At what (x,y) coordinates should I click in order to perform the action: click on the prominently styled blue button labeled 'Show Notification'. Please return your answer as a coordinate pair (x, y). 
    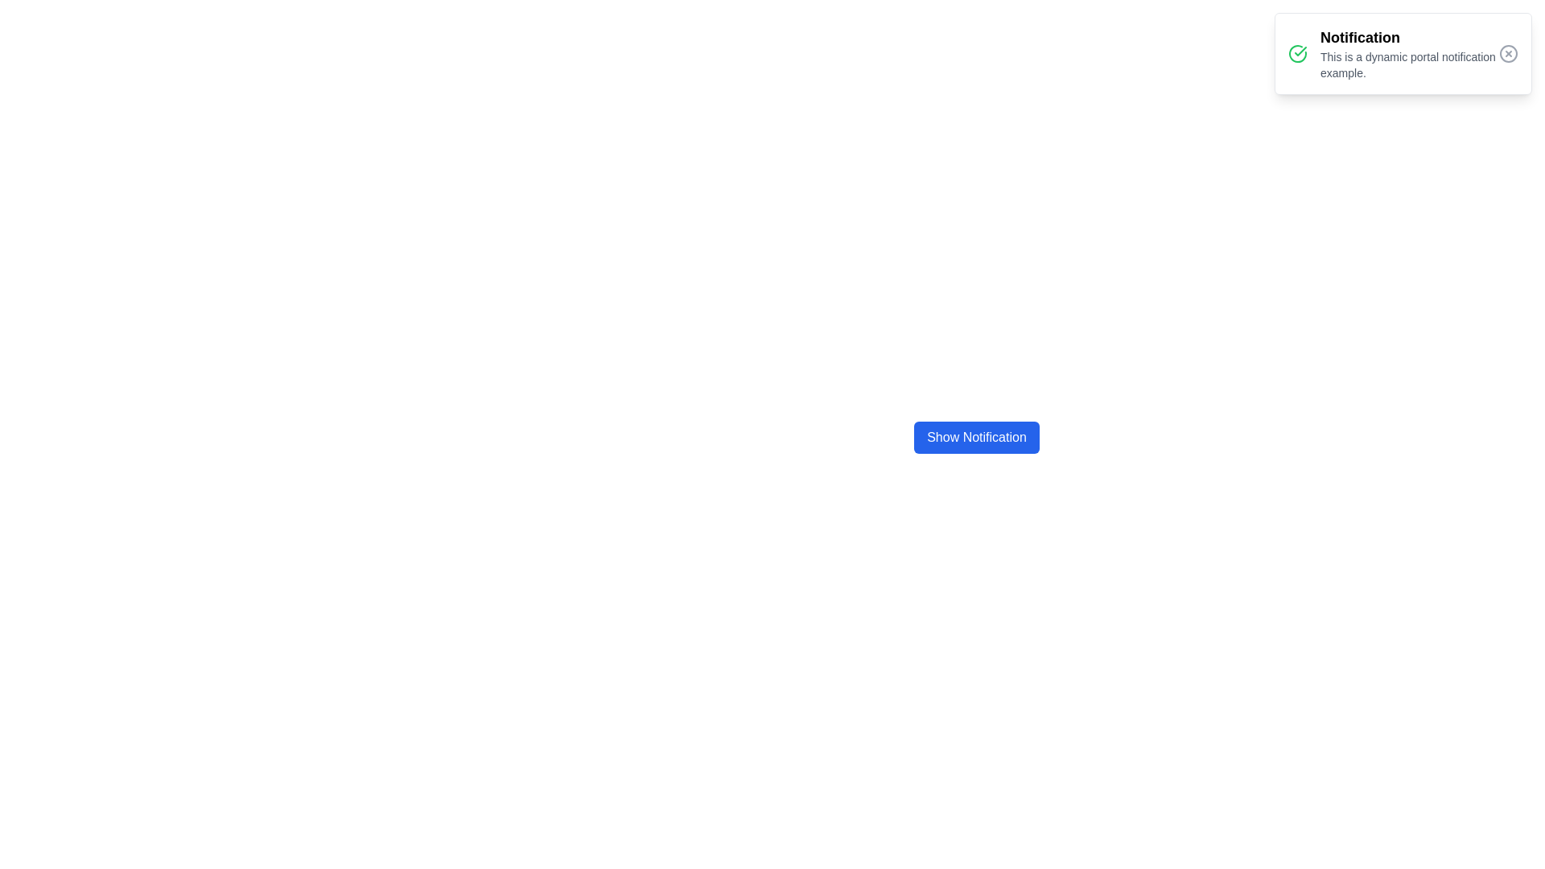
    Looking at the image, I should click on (976, 430).